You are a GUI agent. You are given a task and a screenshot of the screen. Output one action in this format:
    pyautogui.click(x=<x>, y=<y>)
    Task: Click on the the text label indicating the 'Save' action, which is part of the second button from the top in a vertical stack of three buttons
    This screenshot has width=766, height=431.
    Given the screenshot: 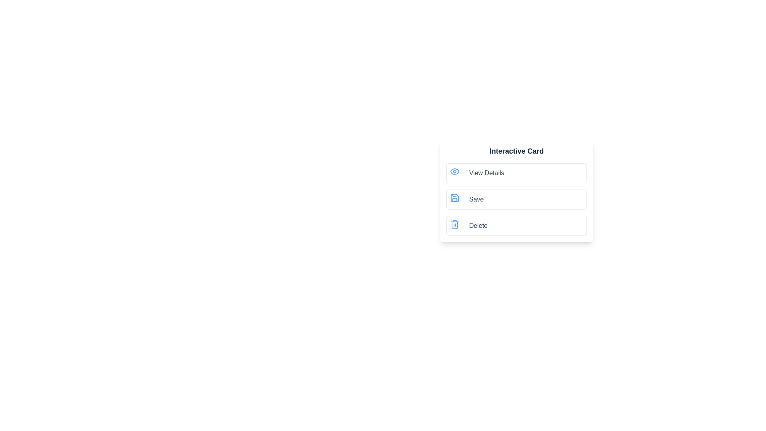 What is the action you would take?
    pyautogui.click(x=476, y=199)
    